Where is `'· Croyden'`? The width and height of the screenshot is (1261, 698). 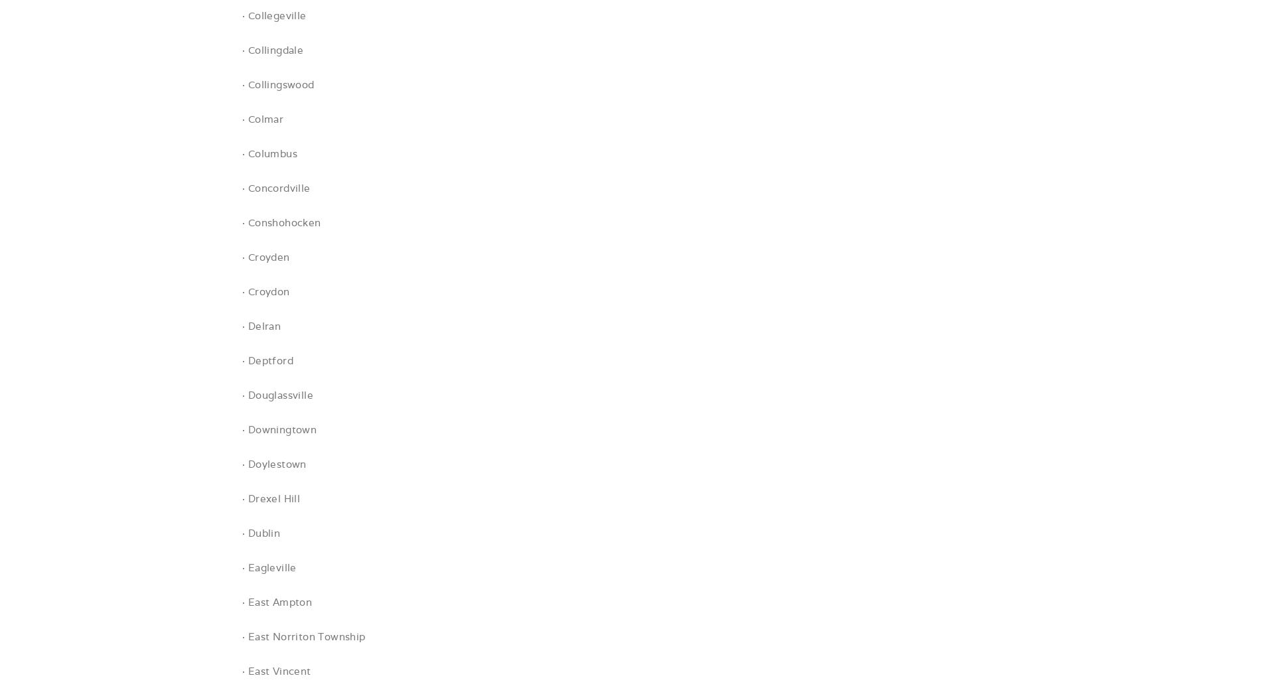 '· Croyden' is located at coordinates (241, 257).